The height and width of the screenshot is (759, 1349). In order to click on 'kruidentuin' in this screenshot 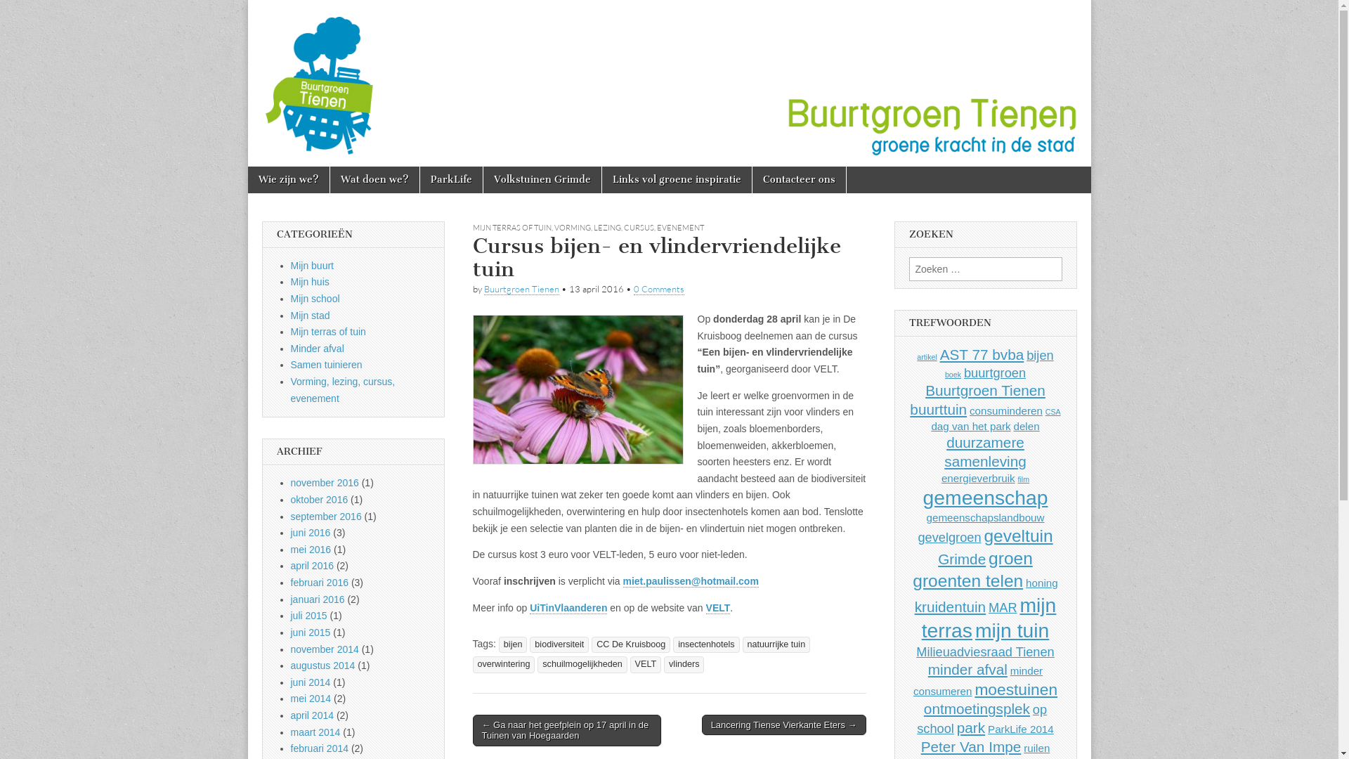, I will do `click(951, 606)`.